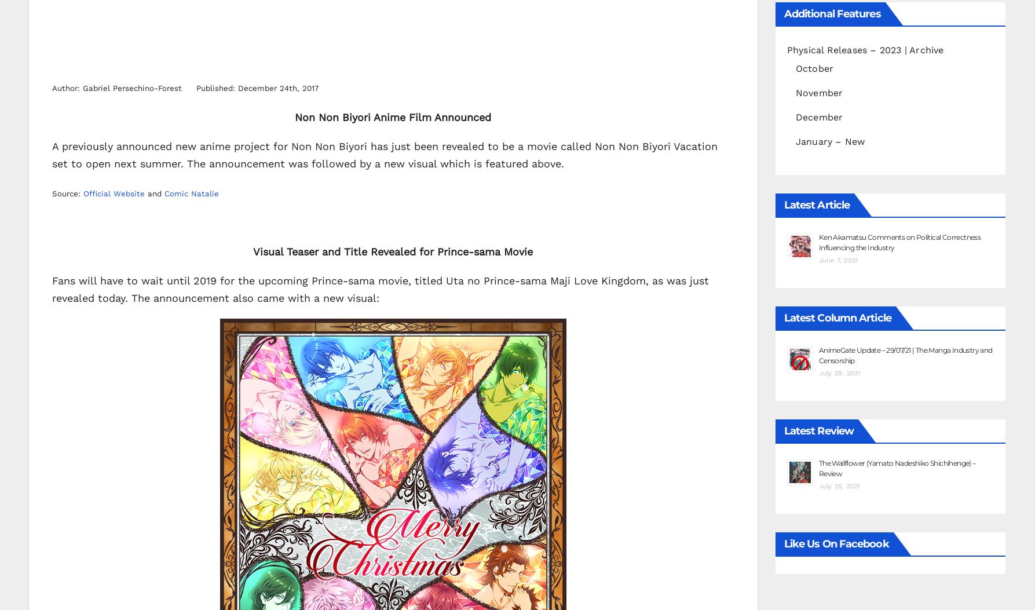  What do you see at coordinates (52, 154) in the screenshot?
I see `'A previously announced new anime project for Non Non Biyori has just been revealed to be a movie called Non Non Biyori Vacation set to open next summer. The announcement was followed by a new visual which is featured above.'` at bounding box center [52, 154].